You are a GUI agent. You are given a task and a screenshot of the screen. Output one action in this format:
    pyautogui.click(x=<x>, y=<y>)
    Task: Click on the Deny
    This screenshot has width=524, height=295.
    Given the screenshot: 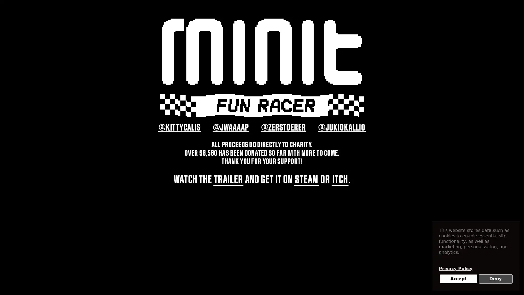 What is the action you would take?
    pyautogui.click(x=495, y=279)
    